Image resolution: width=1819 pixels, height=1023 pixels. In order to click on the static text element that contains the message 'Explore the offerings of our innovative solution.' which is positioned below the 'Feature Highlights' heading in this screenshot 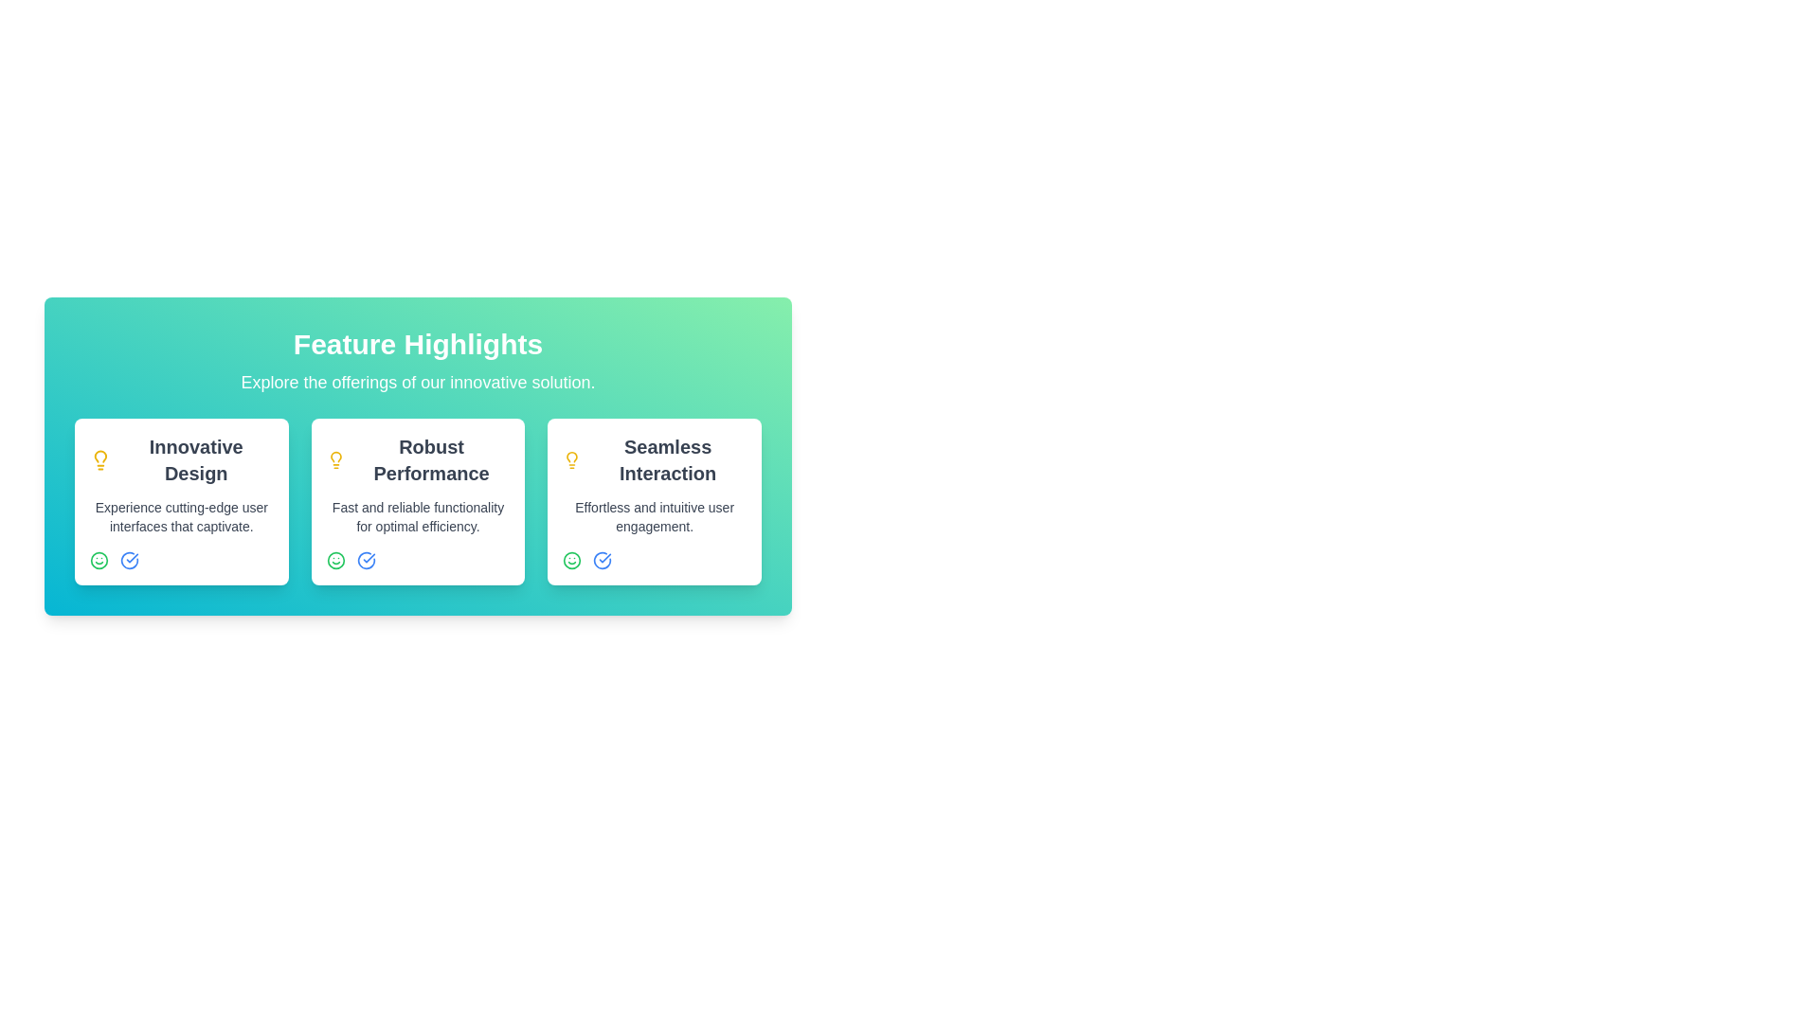, I will do `click(417, 383)`.